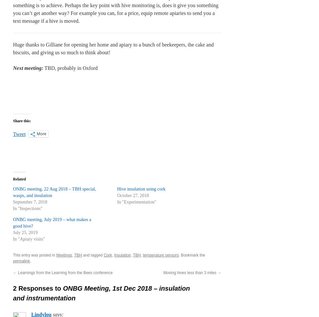  What do you see at coordinates (191, 255) in the screenshot?
I see `'. Bookmark the'` at bounding box center [191, 255].